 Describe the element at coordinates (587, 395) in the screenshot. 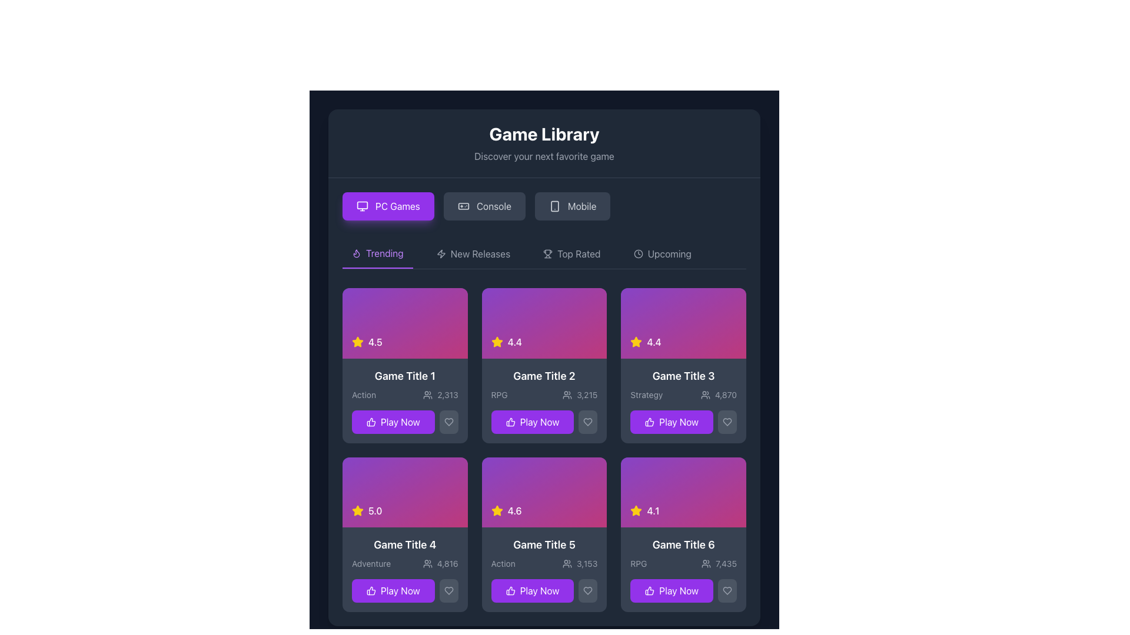

I see `the text label displaying '3,215' that indicates the total number of users associated with 'Game Title 2', located below the card in the second column of the grid layout` at that location.